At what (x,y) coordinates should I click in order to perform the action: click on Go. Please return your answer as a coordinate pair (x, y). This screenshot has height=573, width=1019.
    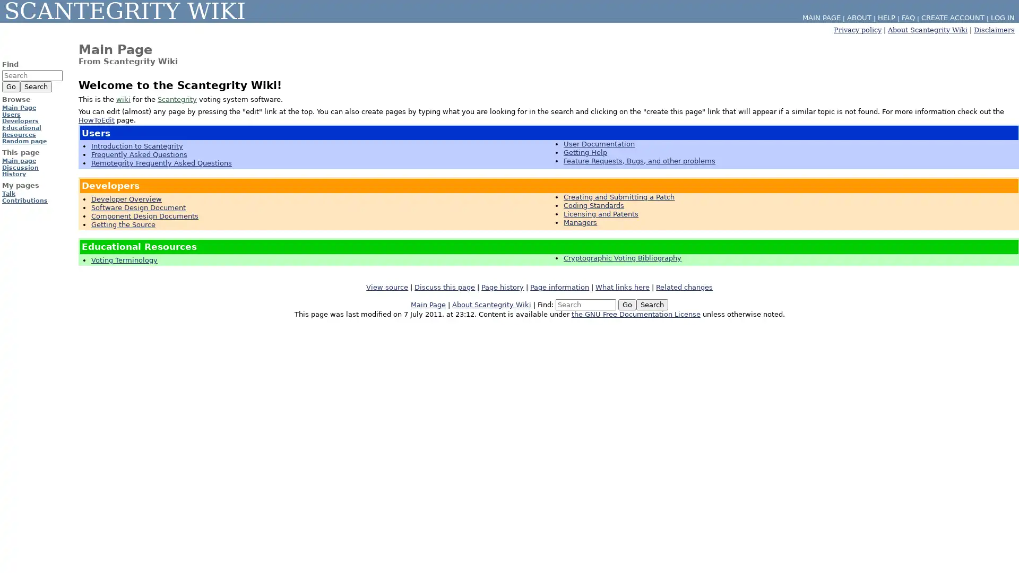
    Looking at the image, I should click on (11, 86).